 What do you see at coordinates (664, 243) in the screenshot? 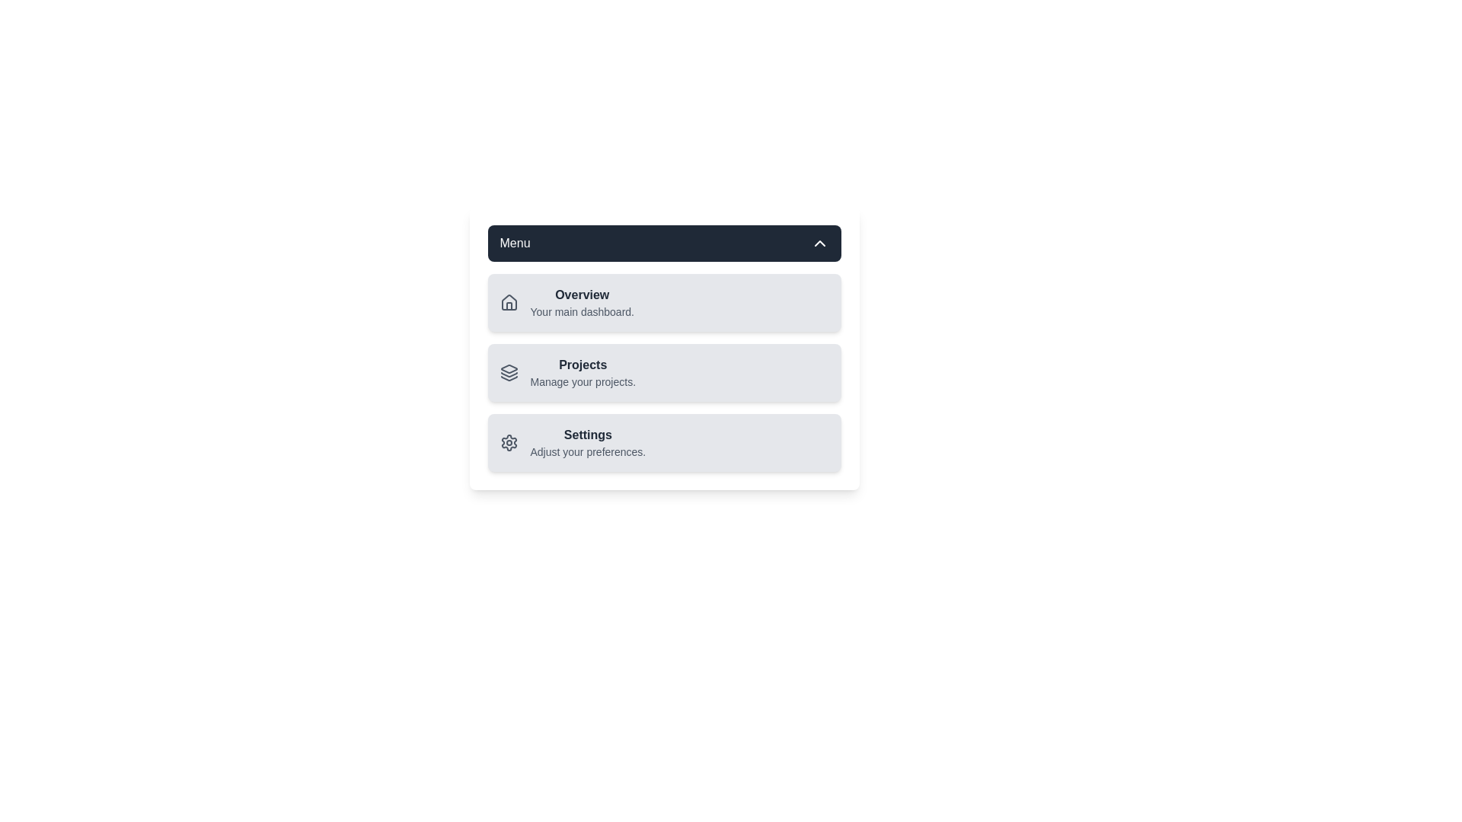
I see `the 'Menu' button to toggle the menu's visibility` at bounding box center [664, 243].